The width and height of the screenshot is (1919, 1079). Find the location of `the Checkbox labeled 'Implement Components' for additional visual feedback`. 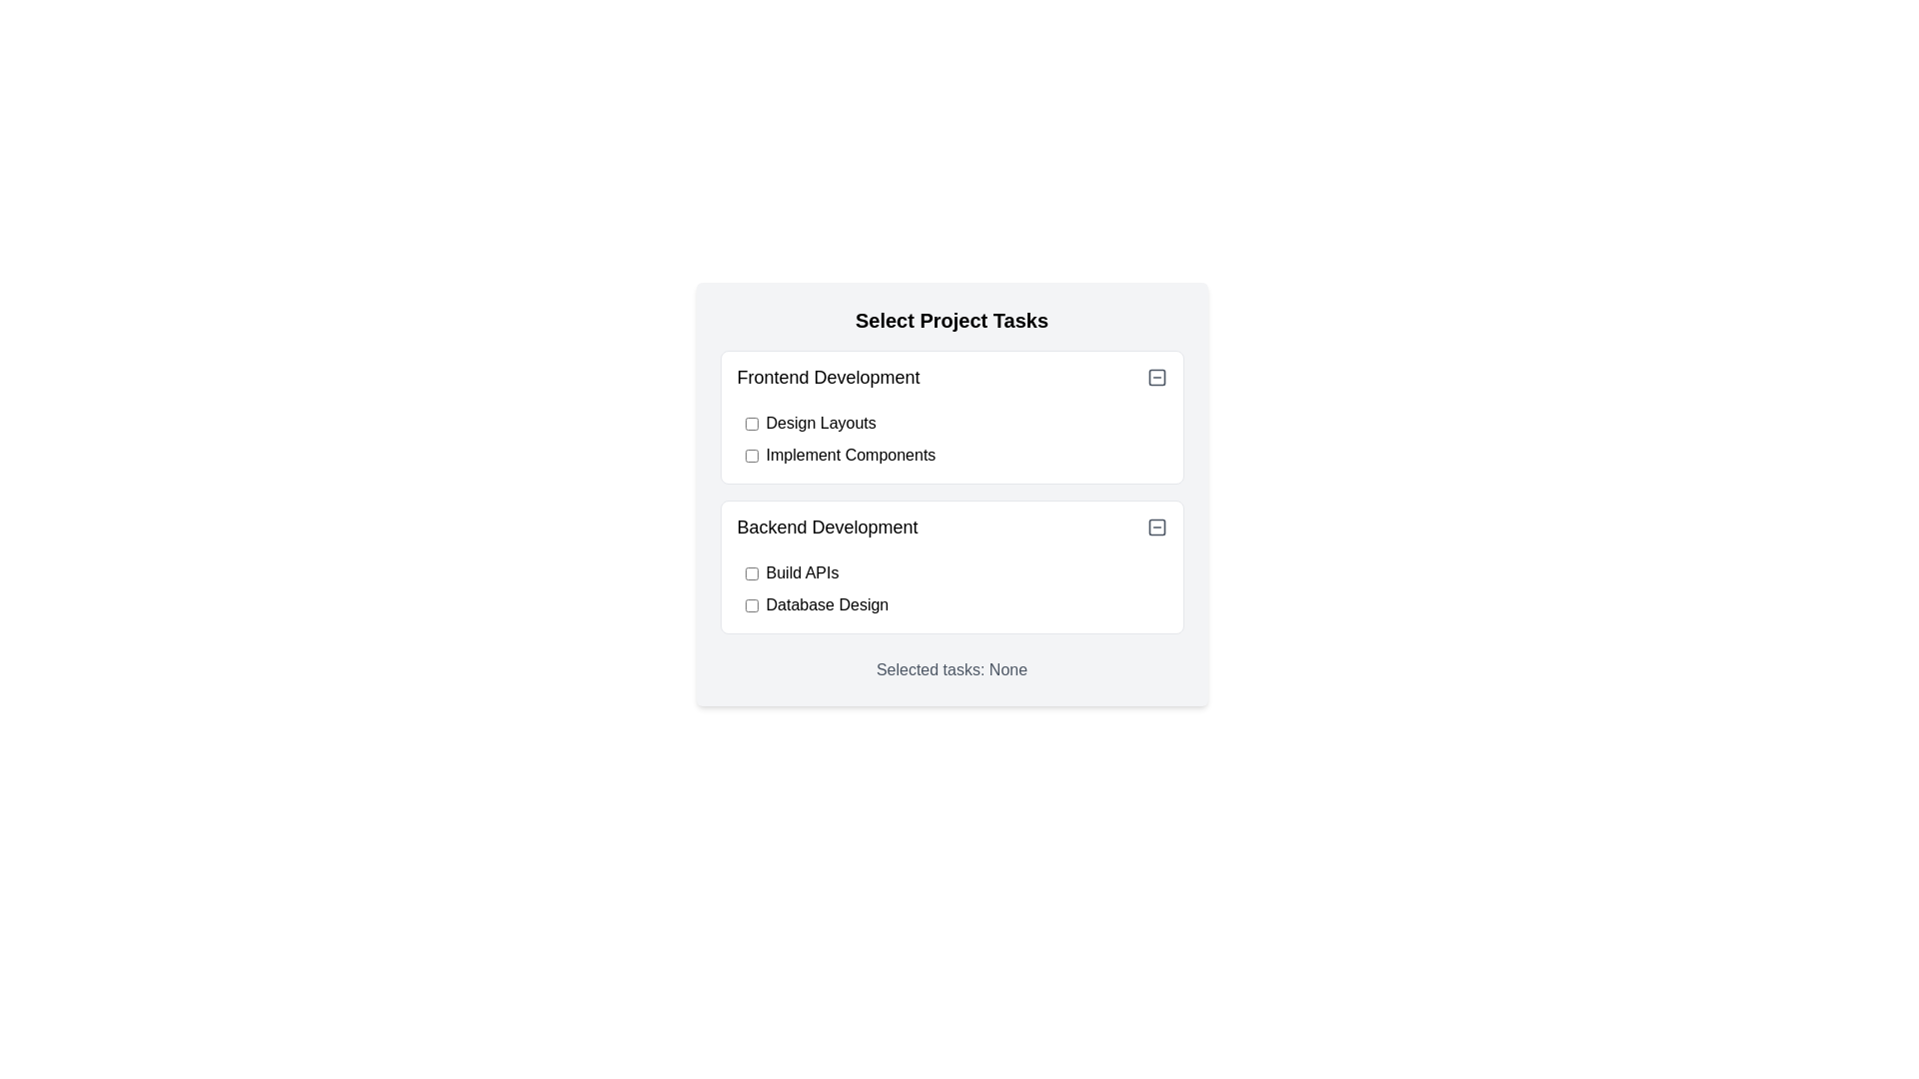

the Checkbox labeled 'Implement Components' for additional visual feedback is located at coordinates (963, 455).